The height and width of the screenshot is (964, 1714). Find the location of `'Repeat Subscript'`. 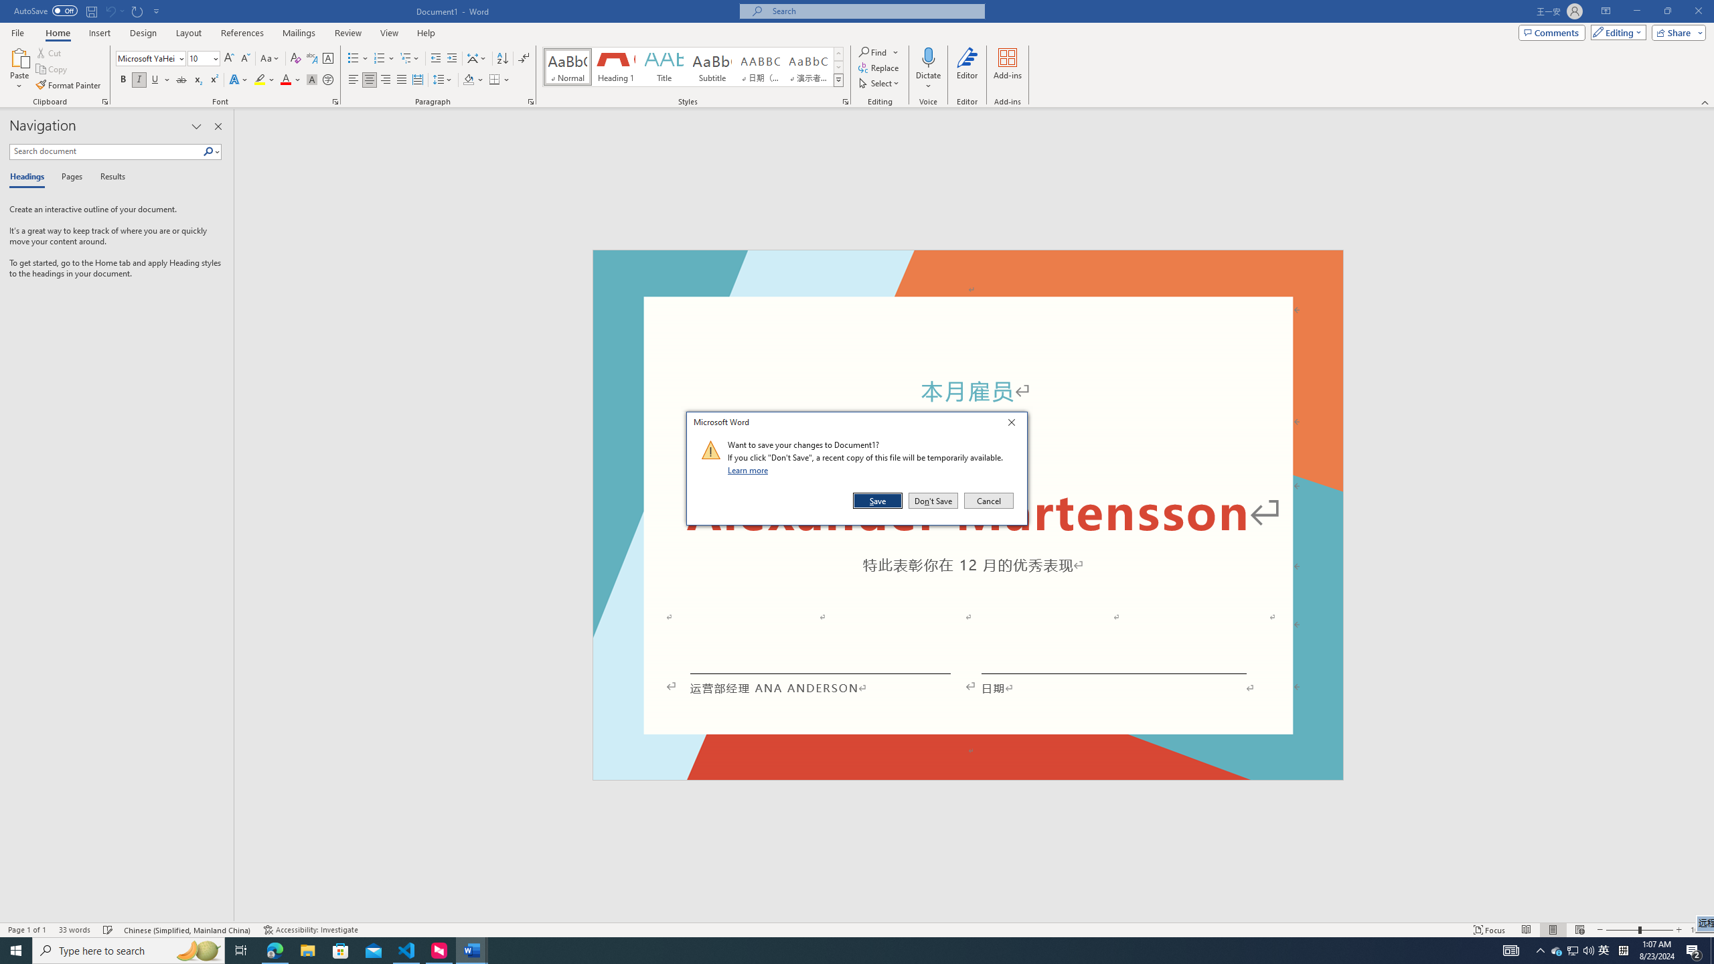

'Repeat Subscript' is located at coordinates (137, 10).